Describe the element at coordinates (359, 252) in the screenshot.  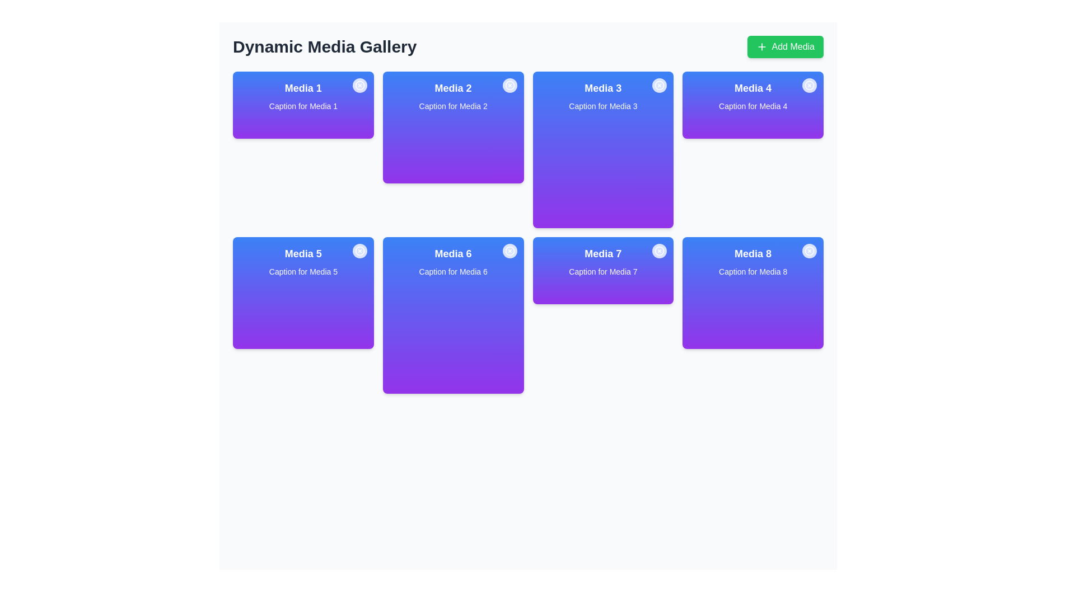
I see `the close button located at the upper-right corner of the 'Media 5' card` at that location.